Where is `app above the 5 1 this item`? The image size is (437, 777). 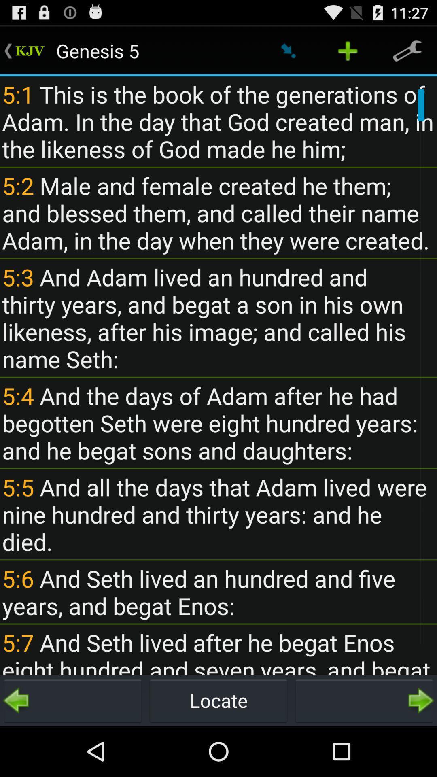
app above the 5 1 this item is located at coordinates (347, 50).